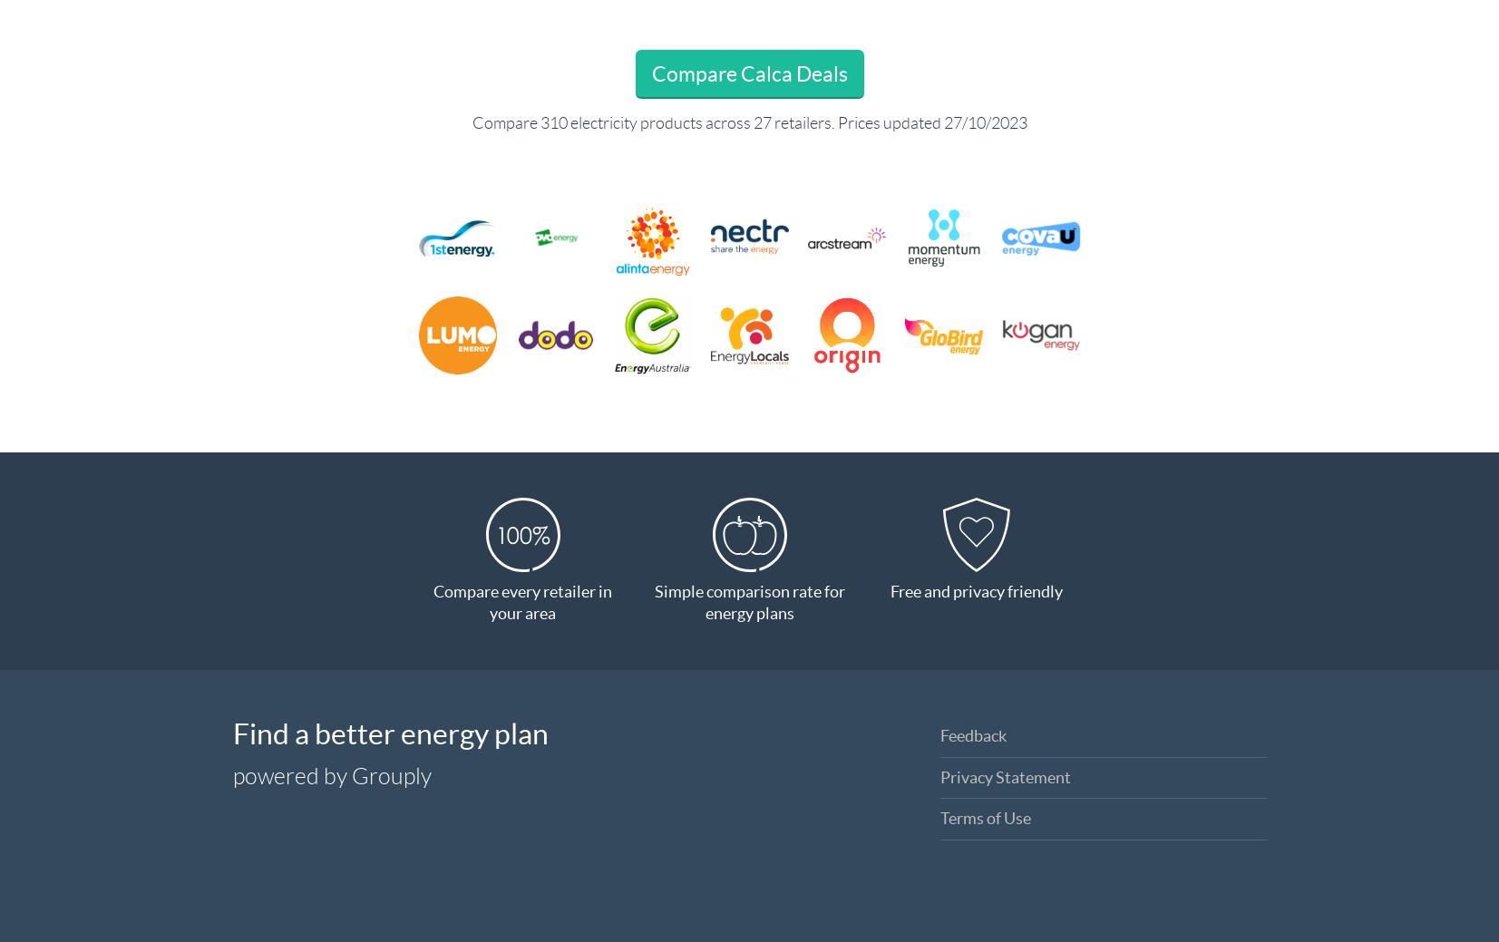 The image size is (1499, 942). Describe the element at coordinates (658, 122) in the screenshot. I see `'electricity
						products across'` at that location.